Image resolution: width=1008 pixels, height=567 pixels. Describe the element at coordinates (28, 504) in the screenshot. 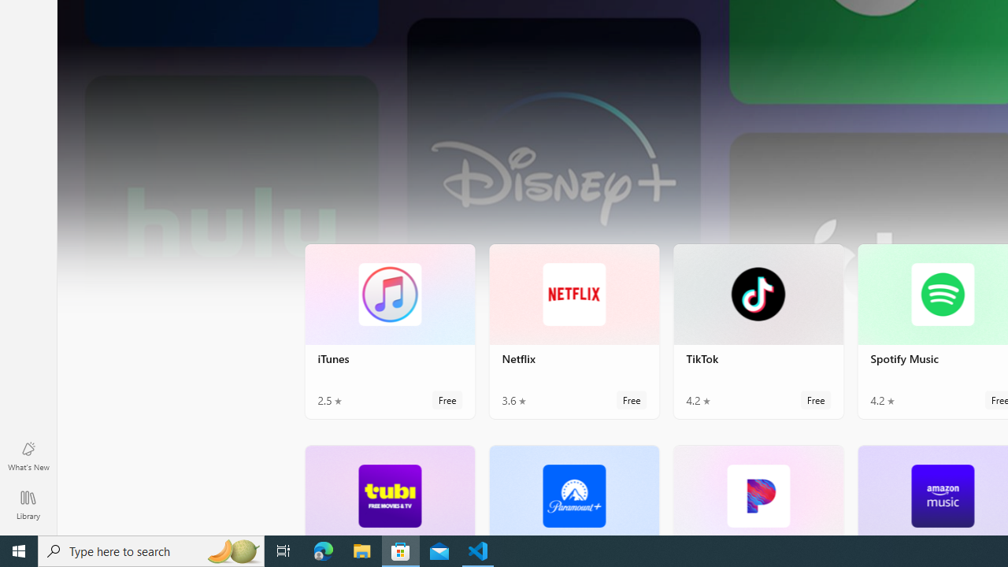

I see `'Library'` at that location.